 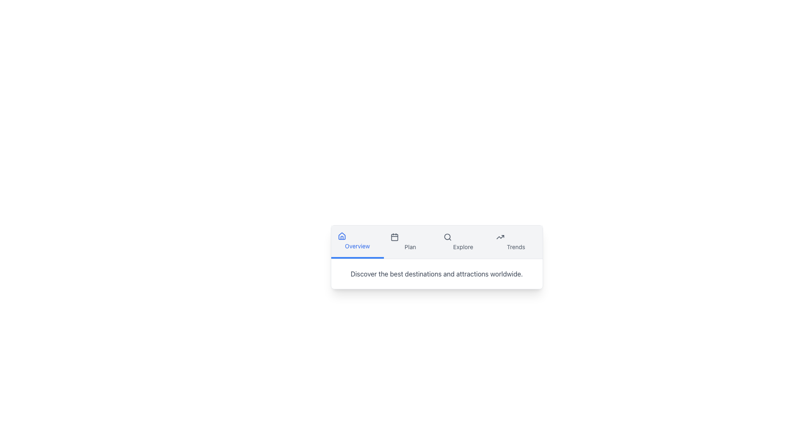 I want to click on the label for the navigation button that directs users to the 'Overview' section of the application, located beneath the house icon in the horizontal navigation bar at the top of the UI, so click(x=357, y=245).